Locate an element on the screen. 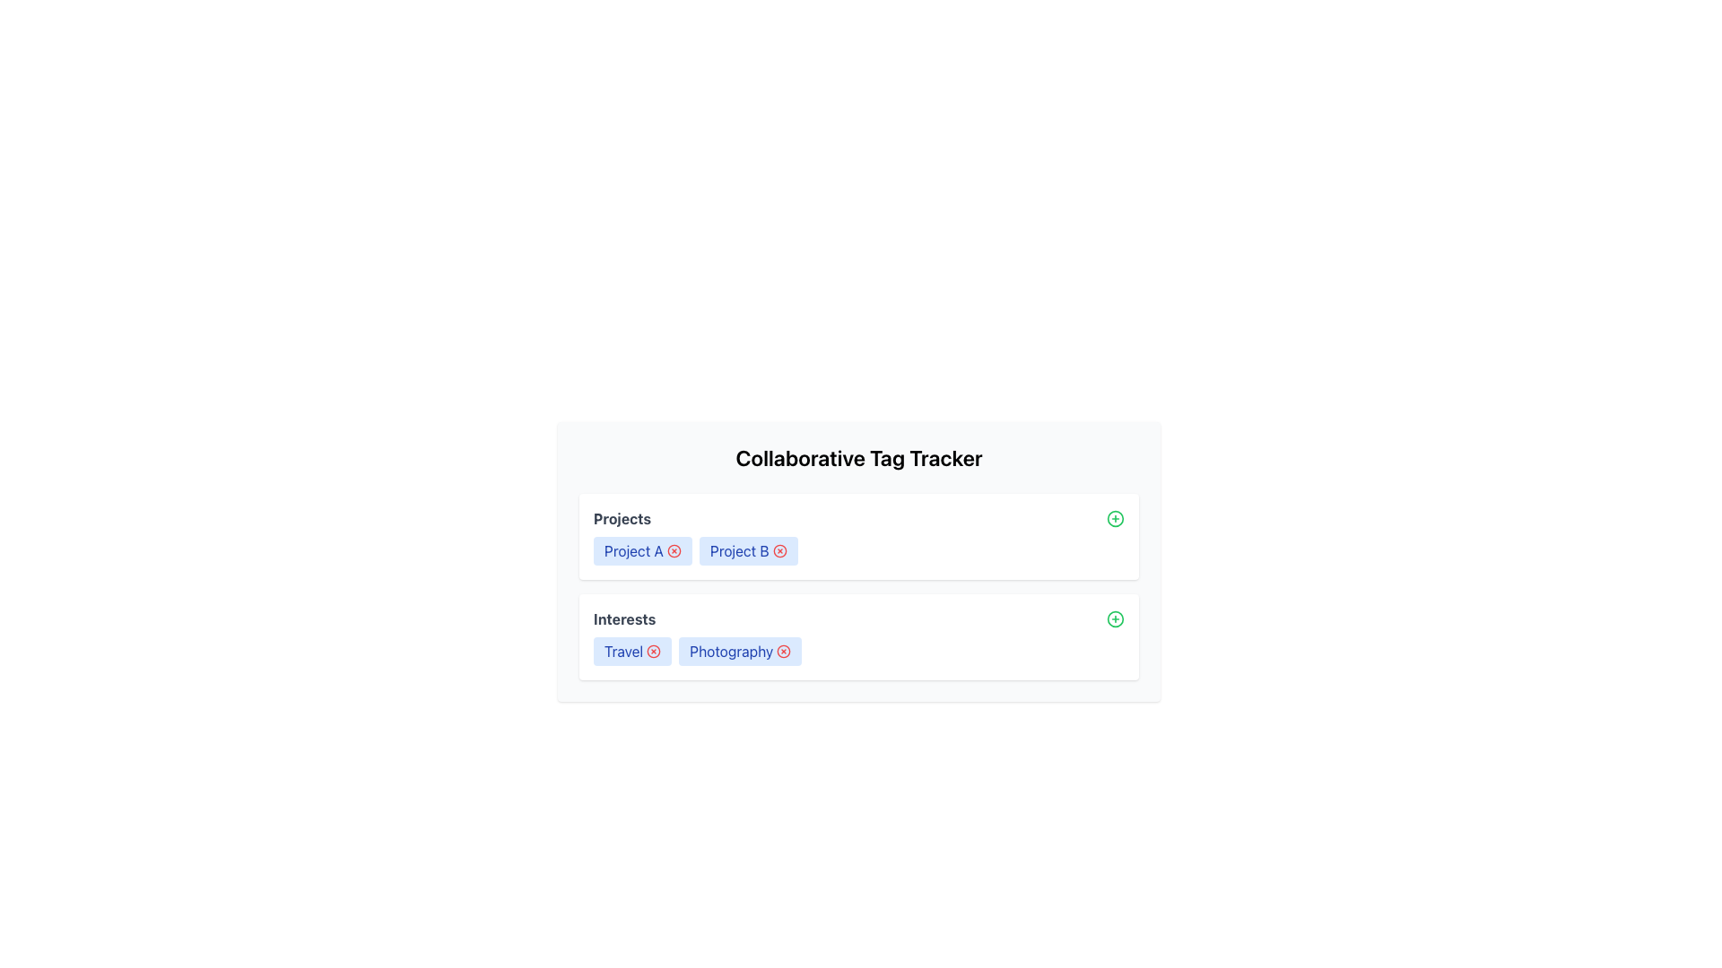 The height and width of the screenshot is (968, 1722). the badge component labeled 'Photography' is located at coordinates (740, 651).